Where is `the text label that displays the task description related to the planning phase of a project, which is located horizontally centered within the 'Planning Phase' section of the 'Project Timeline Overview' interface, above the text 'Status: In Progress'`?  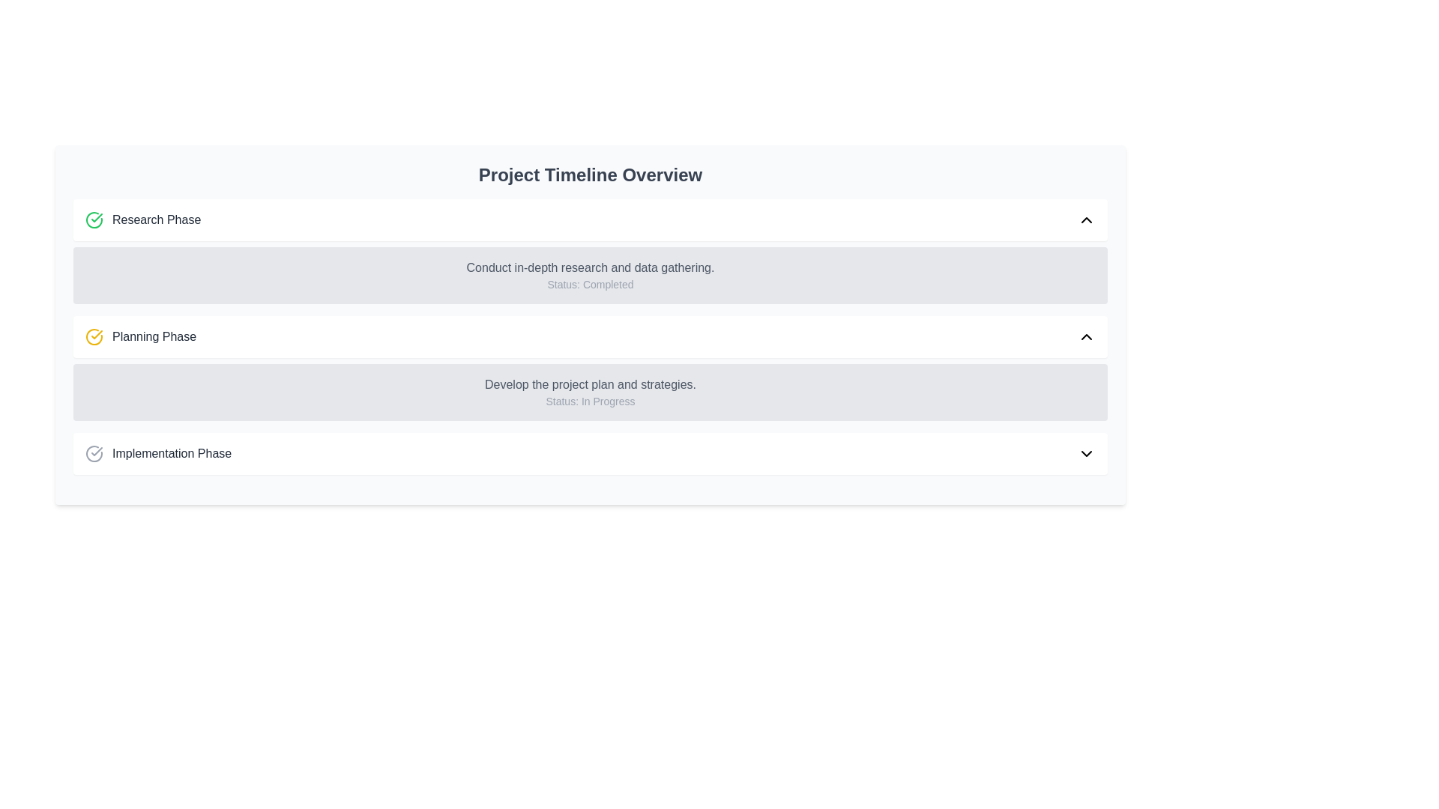 the text label that displays the task description related to the planning phase of a project, which is located horizontally centered within the 'Planning Phase' section of the 'Project Timeline Overview' interface, above the text 'Status: In Progress' is located at coordinates (589, 384).